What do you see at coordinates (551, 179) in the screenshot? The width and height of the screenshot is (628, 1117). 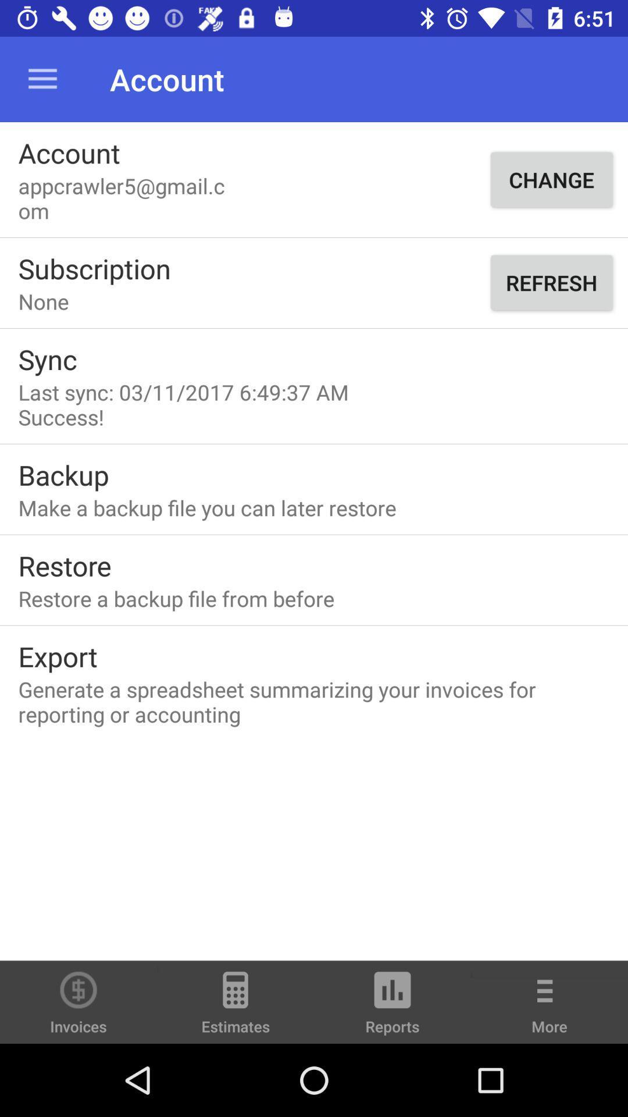 I see `the item to the right of appcrawler5@gmail.com` at bounding box center [551, 179].